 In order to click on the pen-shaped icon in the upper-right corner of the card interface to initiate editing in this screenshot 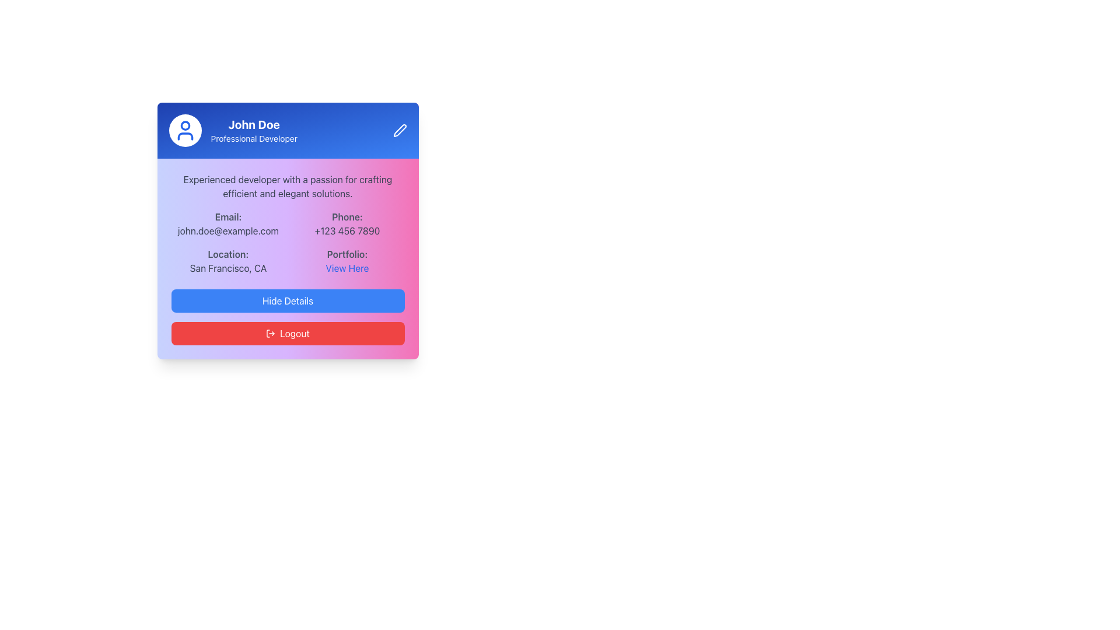, I will do `click(400, 130)`.